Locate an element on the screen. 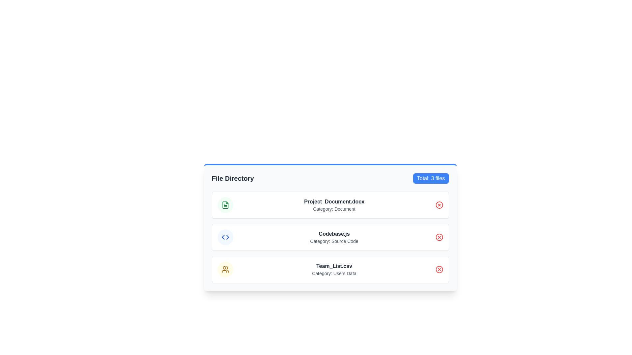 This screenshot has width=632, height=355. the third card entry labeled 'Team_List.csv' in the directory is located at coordinates (330, 270).